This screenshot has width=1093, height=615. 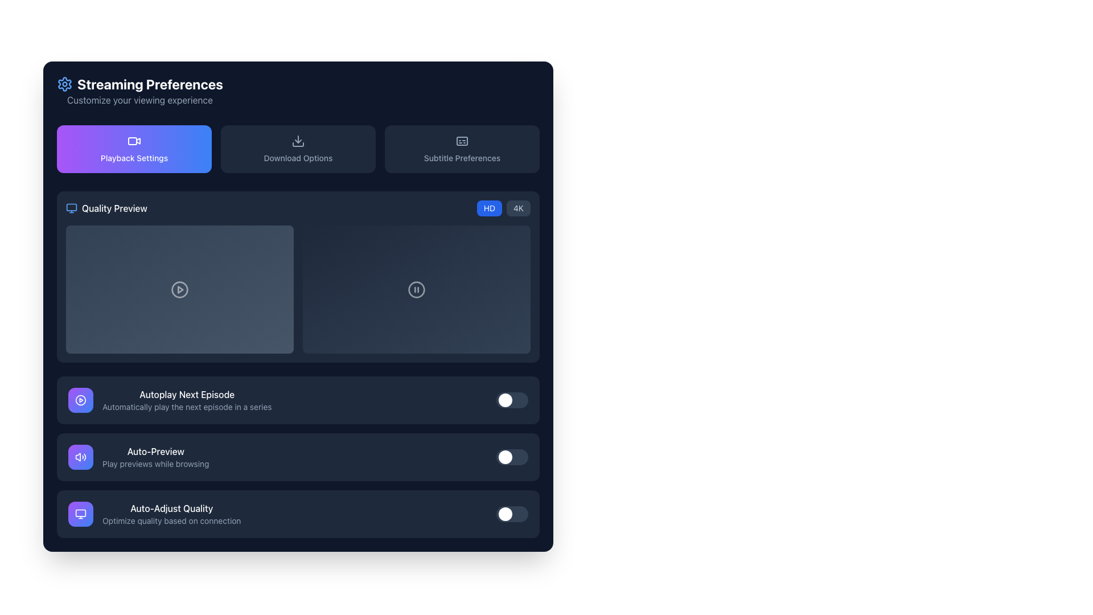 What do you see at coordinates (171, 514) in the screenshot?
I see `the Text Label that describes the 'Auto-Adjust Quality' setting, located below 'Auto-Preview' in the streaming preferences list` at bounding box center [171, 514].